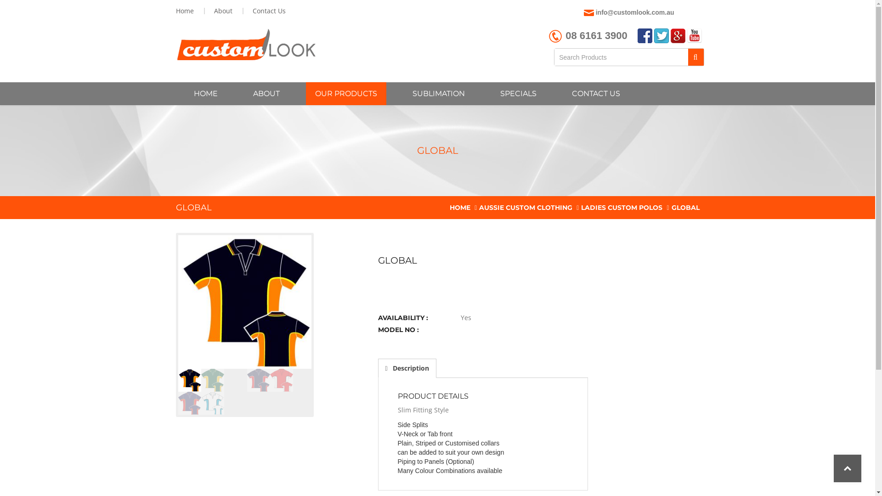 The width and height of the screenshot is (882, 496). Describe the element at coordinates (205, 94) in the screenshot. I see `'HOME'` at that location.